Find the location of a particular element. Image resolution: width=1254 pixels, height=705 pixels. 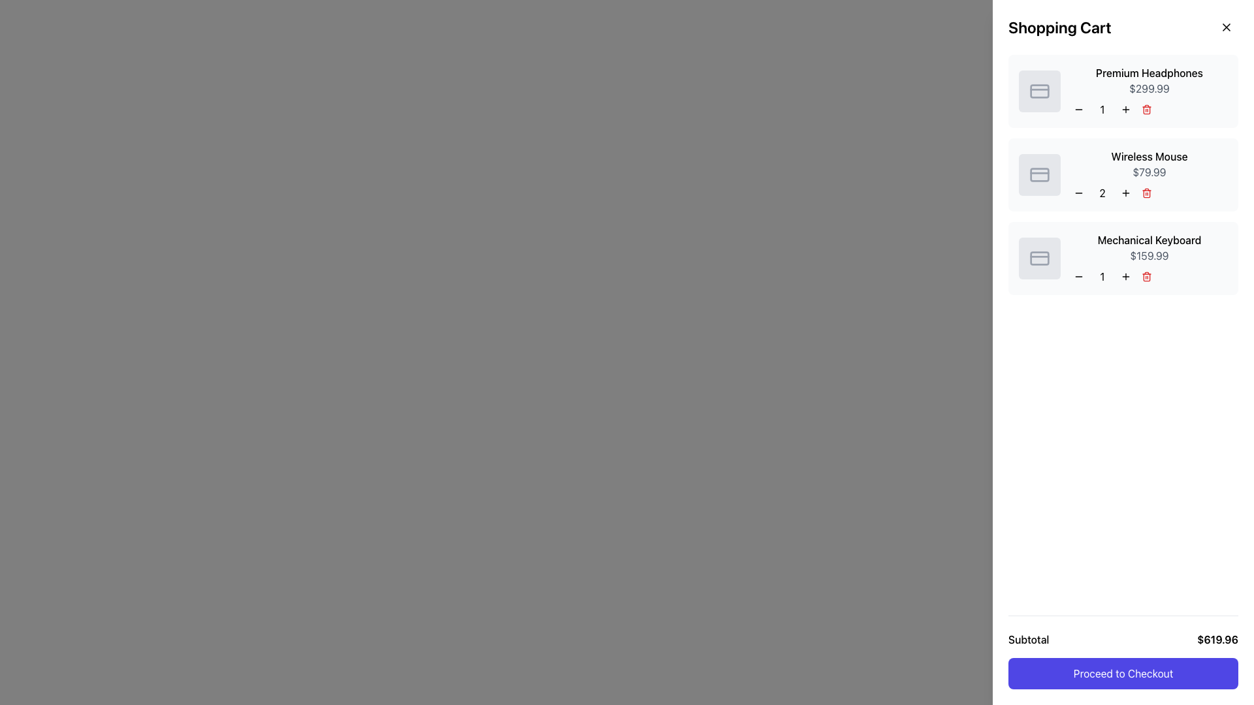

the main rectangular body of the credit card icon located in the right-side shopping cart interface, adjacent to the 'Mechanical Keyboard' item is located at coordinates (1039, 258).